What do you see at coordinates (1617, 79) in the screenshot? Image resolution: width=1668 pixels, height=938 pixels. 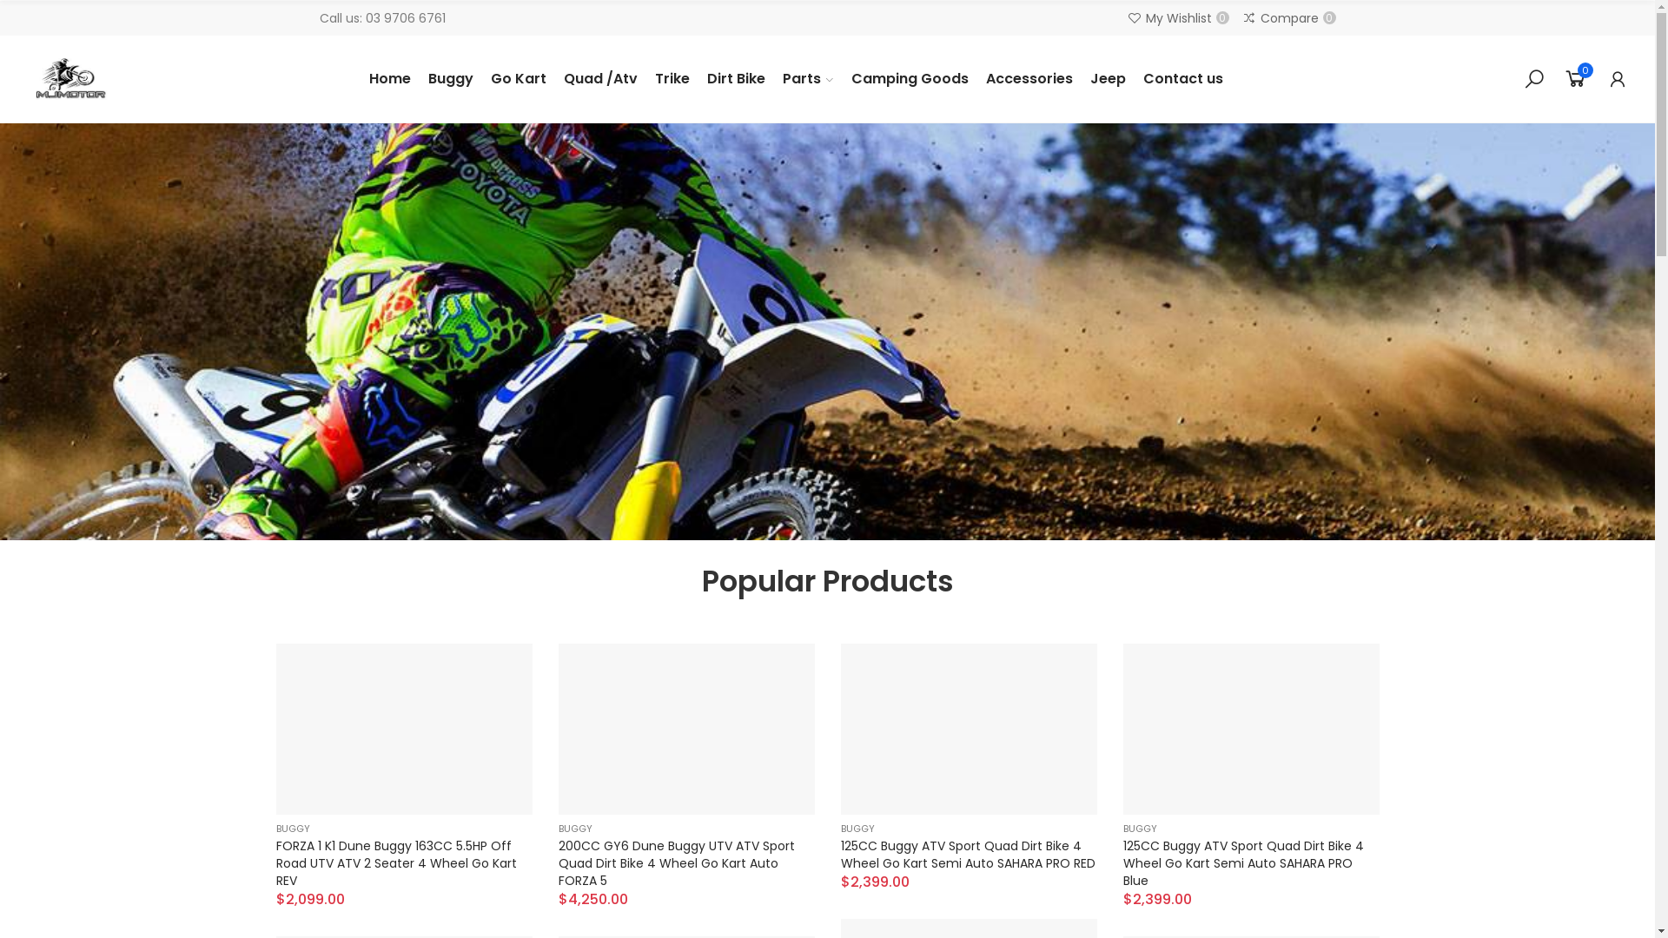 I see `'My Account'` at bounding box center [1617, 79].